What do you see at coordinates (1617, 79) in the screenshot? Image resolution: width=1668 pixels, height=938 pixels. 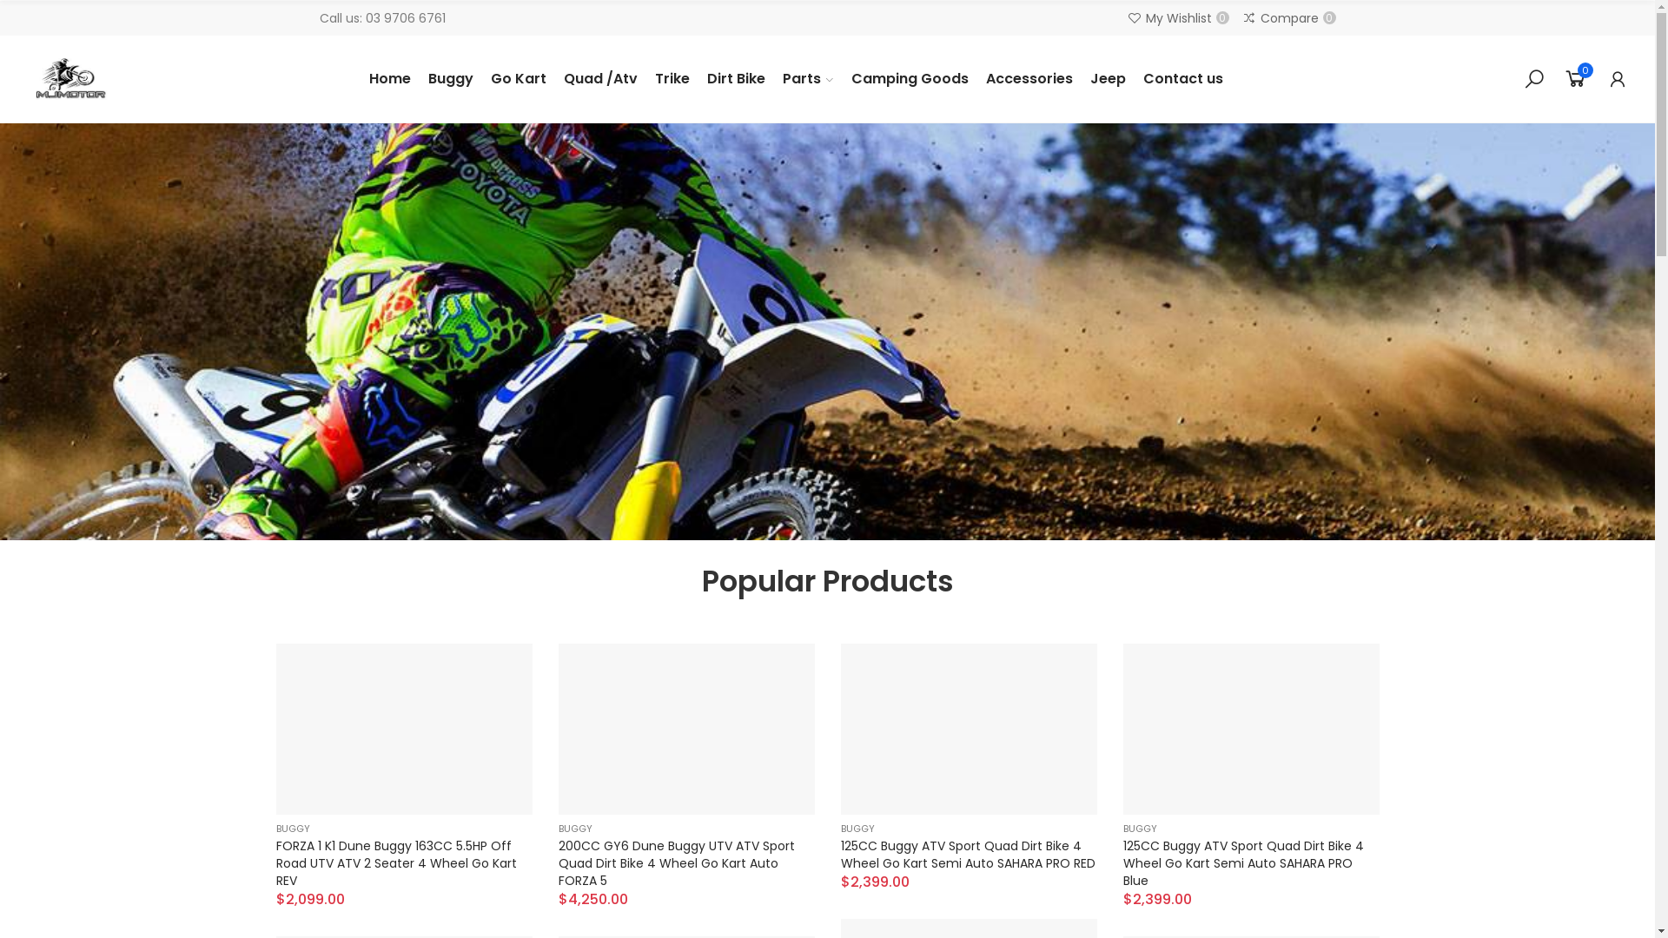 I see `'My Account'` at bounding box center [1617, 79].